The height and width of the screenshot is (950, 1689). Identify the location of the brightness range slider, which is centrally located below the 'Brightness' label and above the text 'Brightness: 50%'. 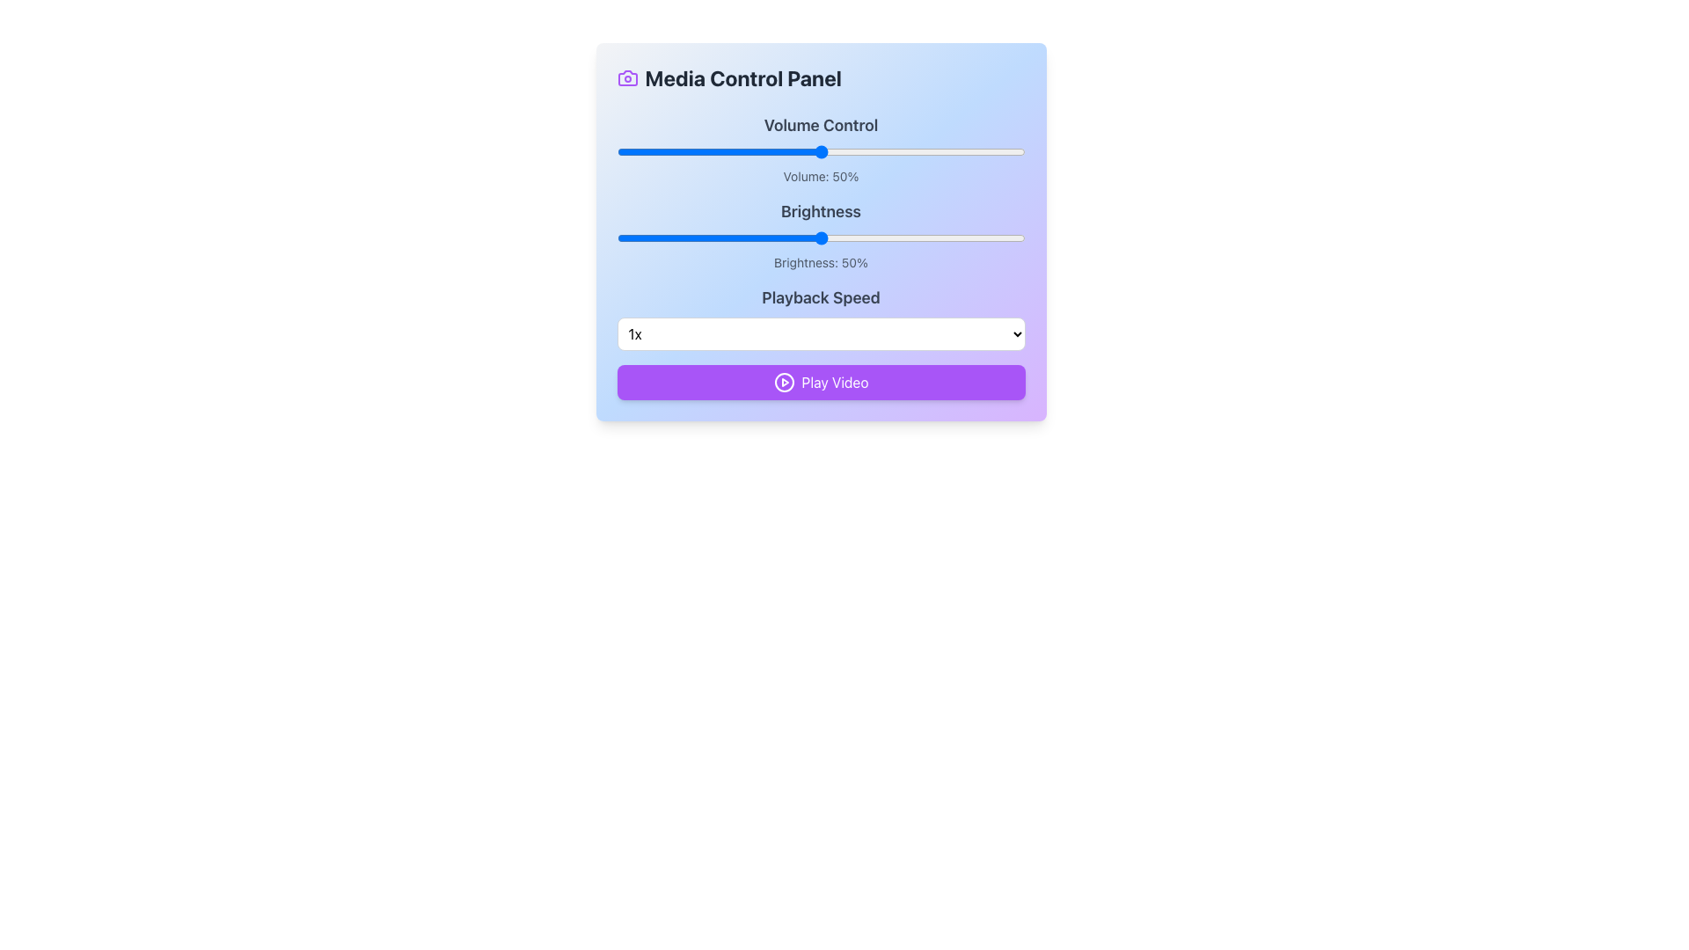
(820, 237).